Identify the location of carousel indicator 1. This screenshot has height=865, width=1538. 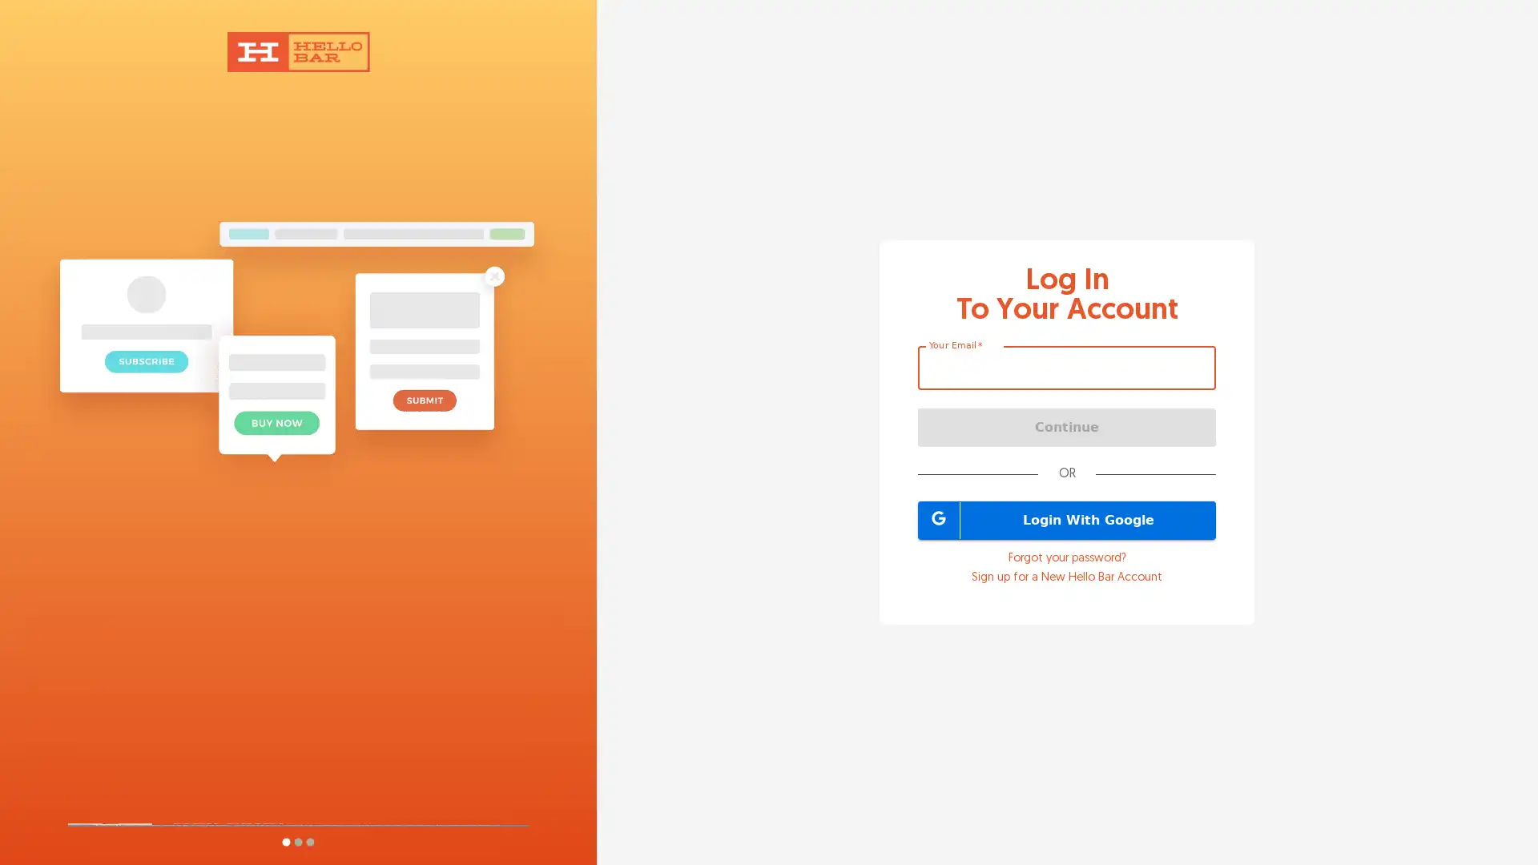
(285, 841).